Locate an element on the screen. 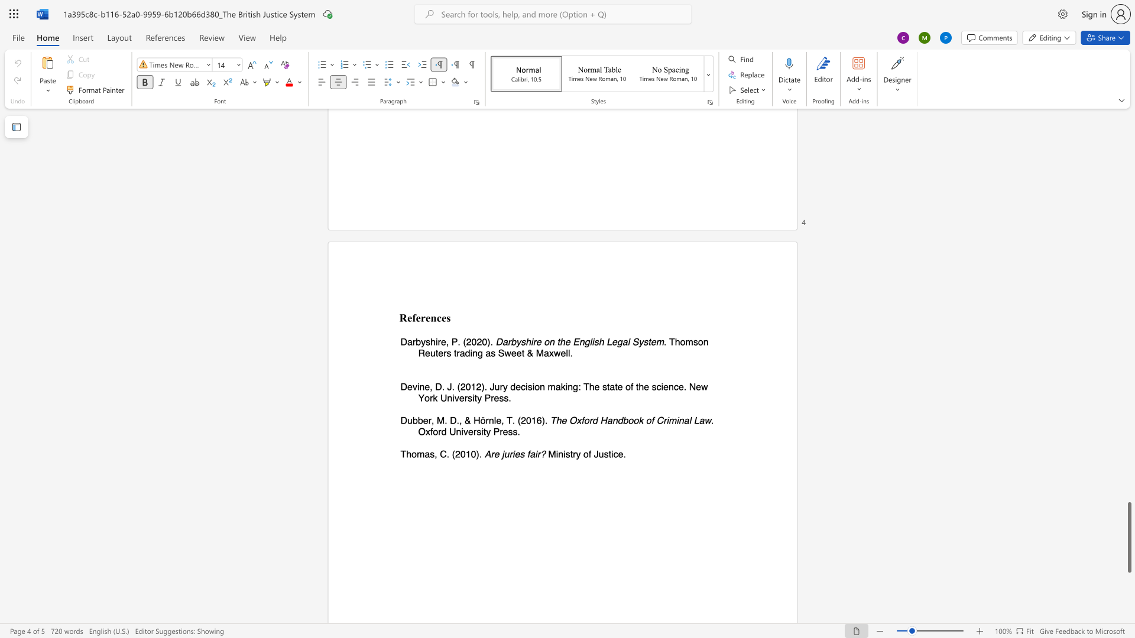  the right-hand scrollbar to ascend the page is located at coordinates (1128, 283).